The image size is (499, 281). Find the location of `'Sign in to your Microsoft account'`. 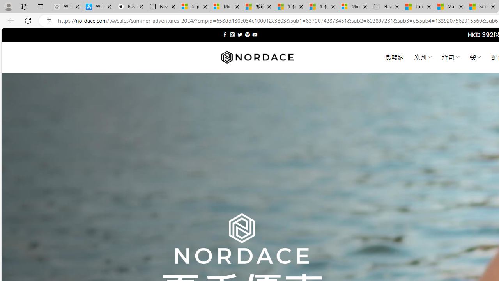

'Sign in to your Microsoft account' is located at coordinates (195, 7).